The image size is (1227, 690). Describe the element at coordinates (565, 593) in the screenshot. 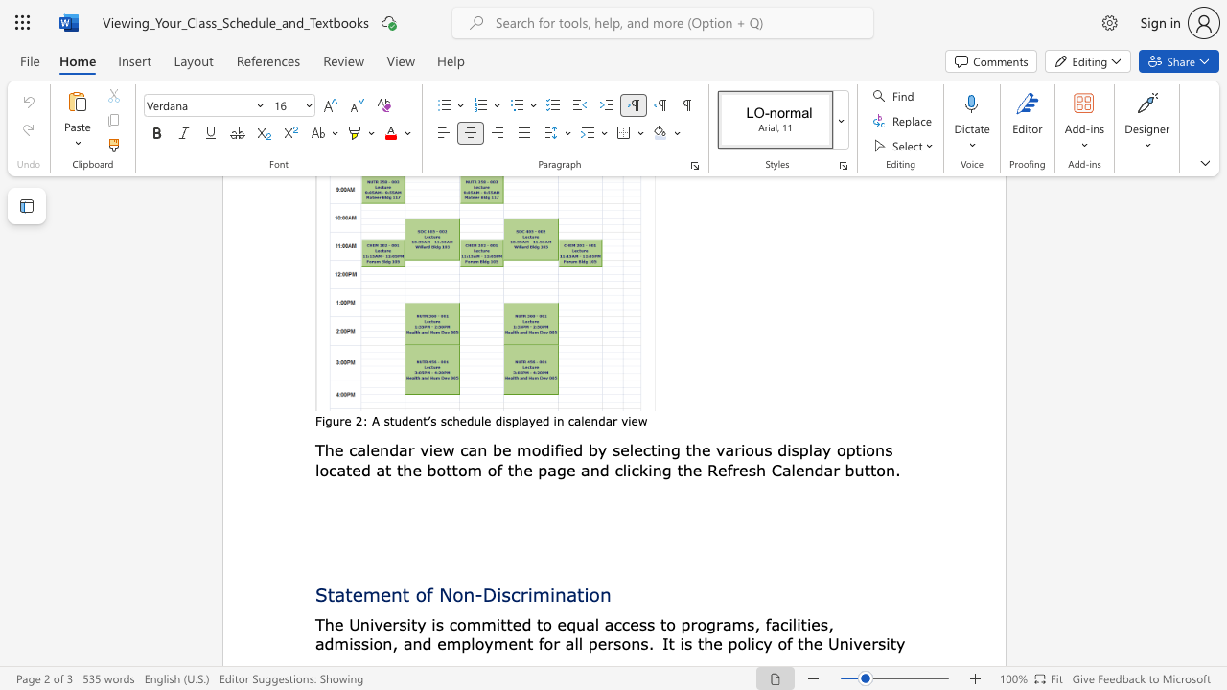

I see `the subset text "ation" within the text "Statement of Non-Discrimination"` at that location.